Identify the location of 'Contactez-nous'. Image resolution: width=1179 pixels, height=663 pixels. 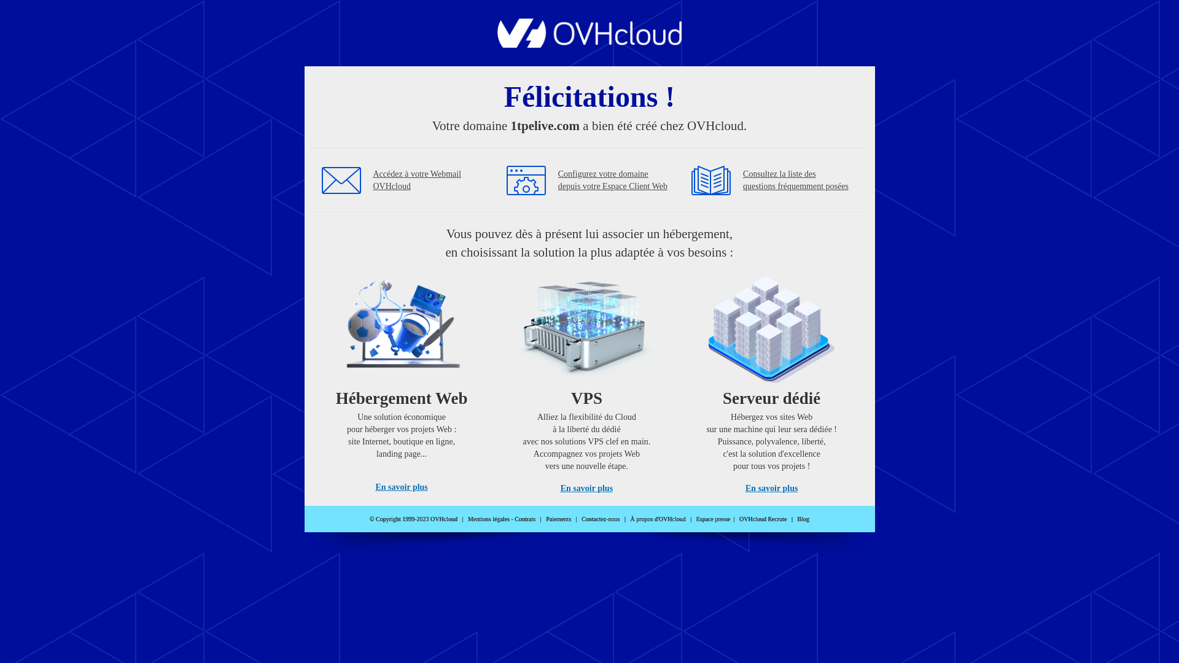
(601, 519).